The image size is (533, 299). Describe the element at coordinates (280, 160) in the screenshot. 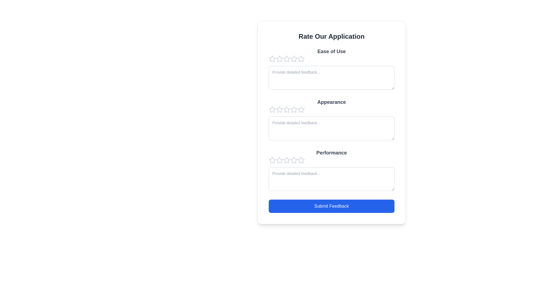

I see `the first star in the third row of the star rating component for the 'Performance' section` at that location.